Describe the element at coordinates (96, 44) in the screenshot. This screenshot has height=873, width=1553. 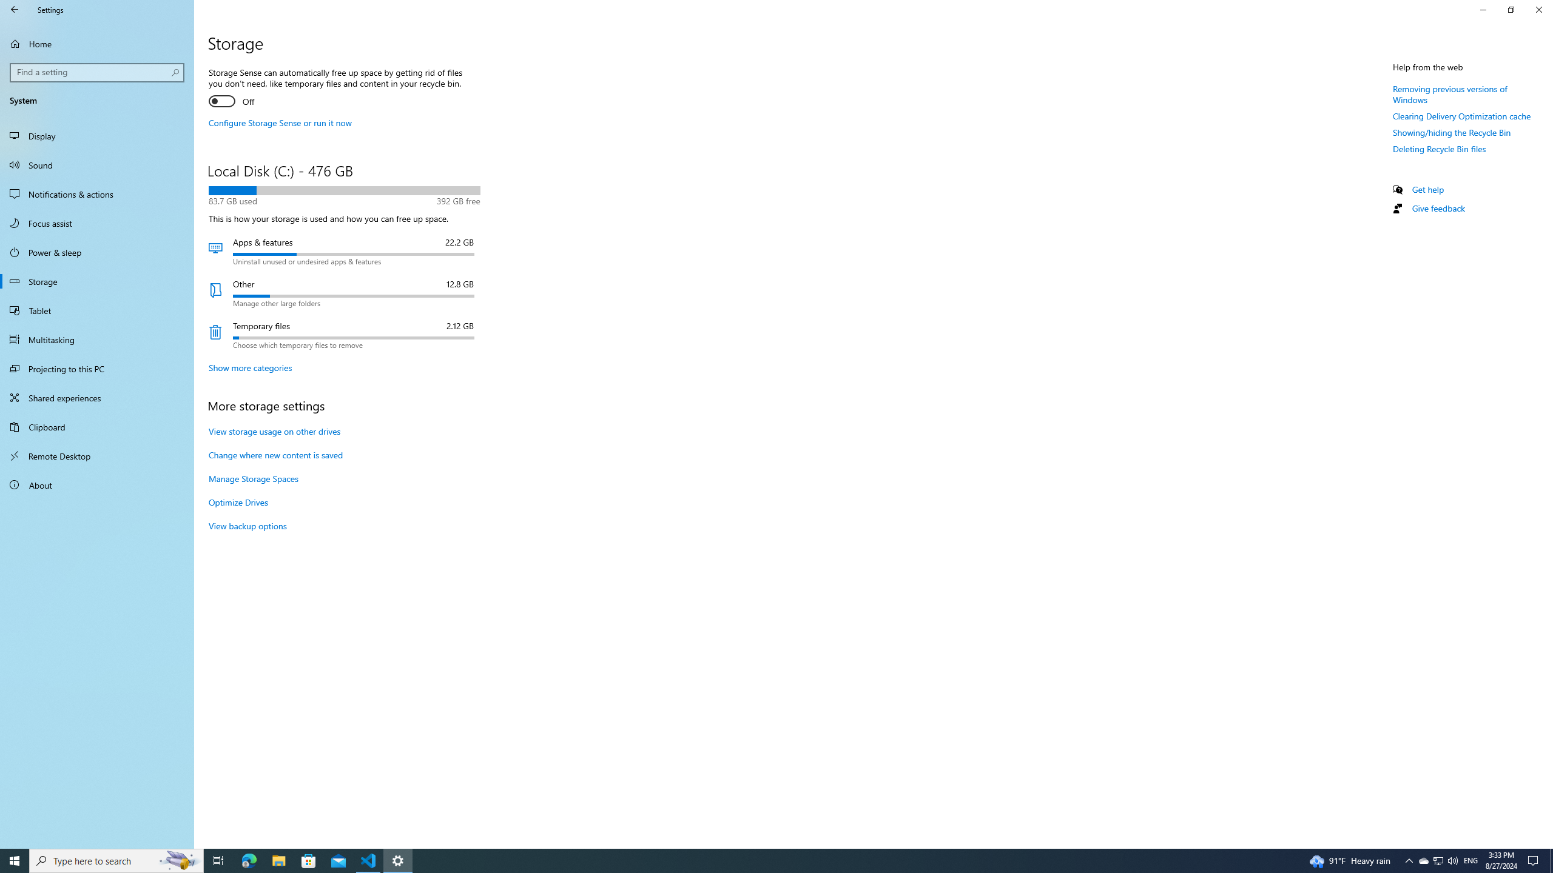
I see `'Home'` at that location.